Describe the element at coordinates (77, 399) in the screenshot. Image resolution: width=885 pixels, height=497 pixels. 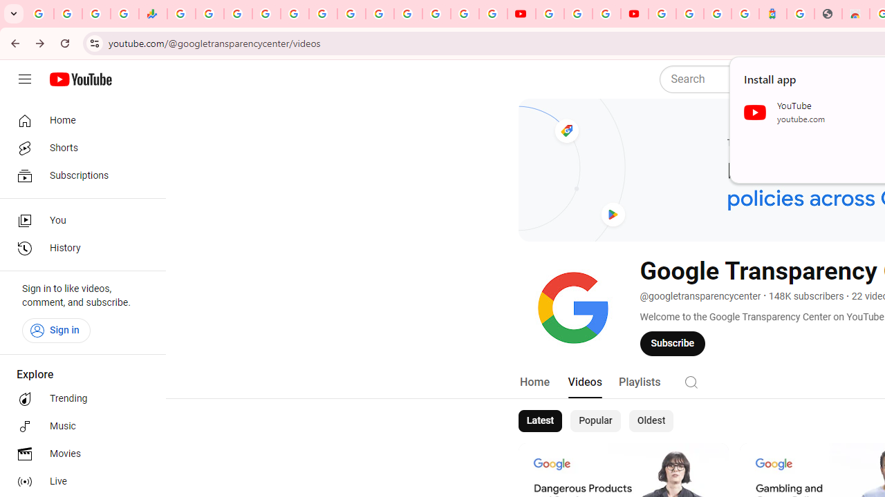
I see `'Trending'` at that location.